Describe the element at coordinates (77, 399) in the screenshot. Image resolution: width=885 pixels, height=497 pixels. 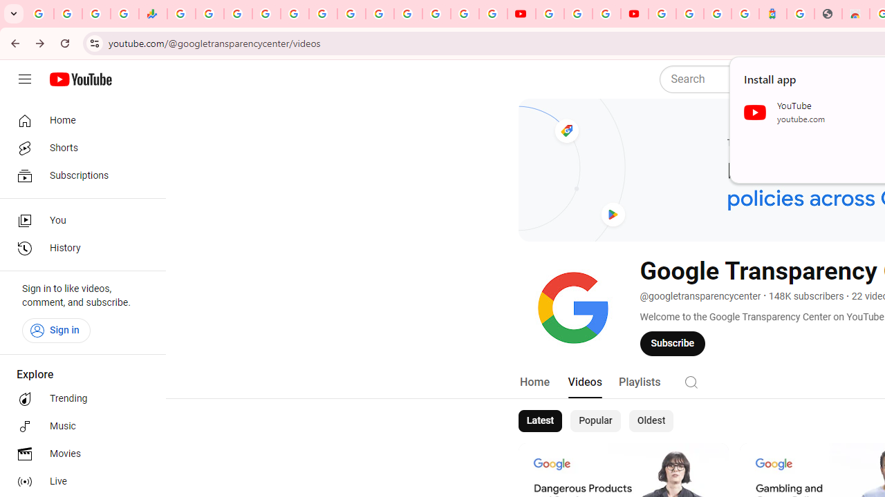
I see `'Trending'` at that location.